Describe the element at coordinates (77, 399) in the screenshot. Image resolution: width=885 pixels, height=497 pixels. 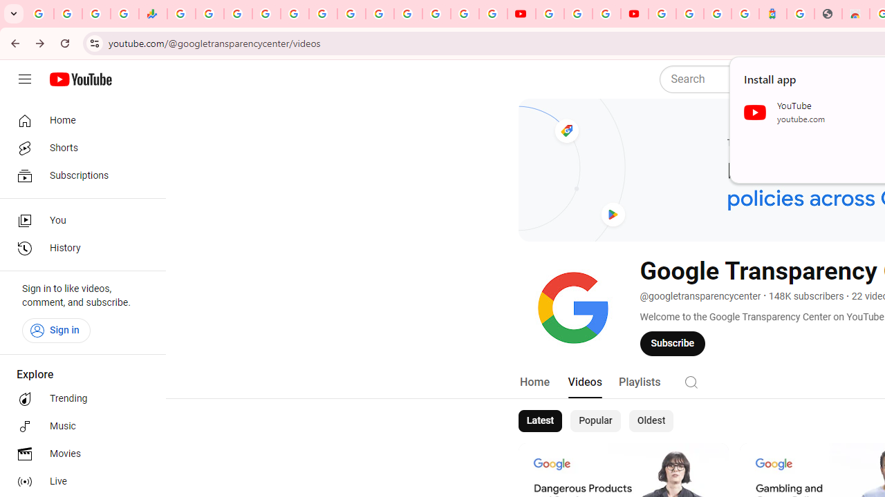
I see `'Trending'` at that location.